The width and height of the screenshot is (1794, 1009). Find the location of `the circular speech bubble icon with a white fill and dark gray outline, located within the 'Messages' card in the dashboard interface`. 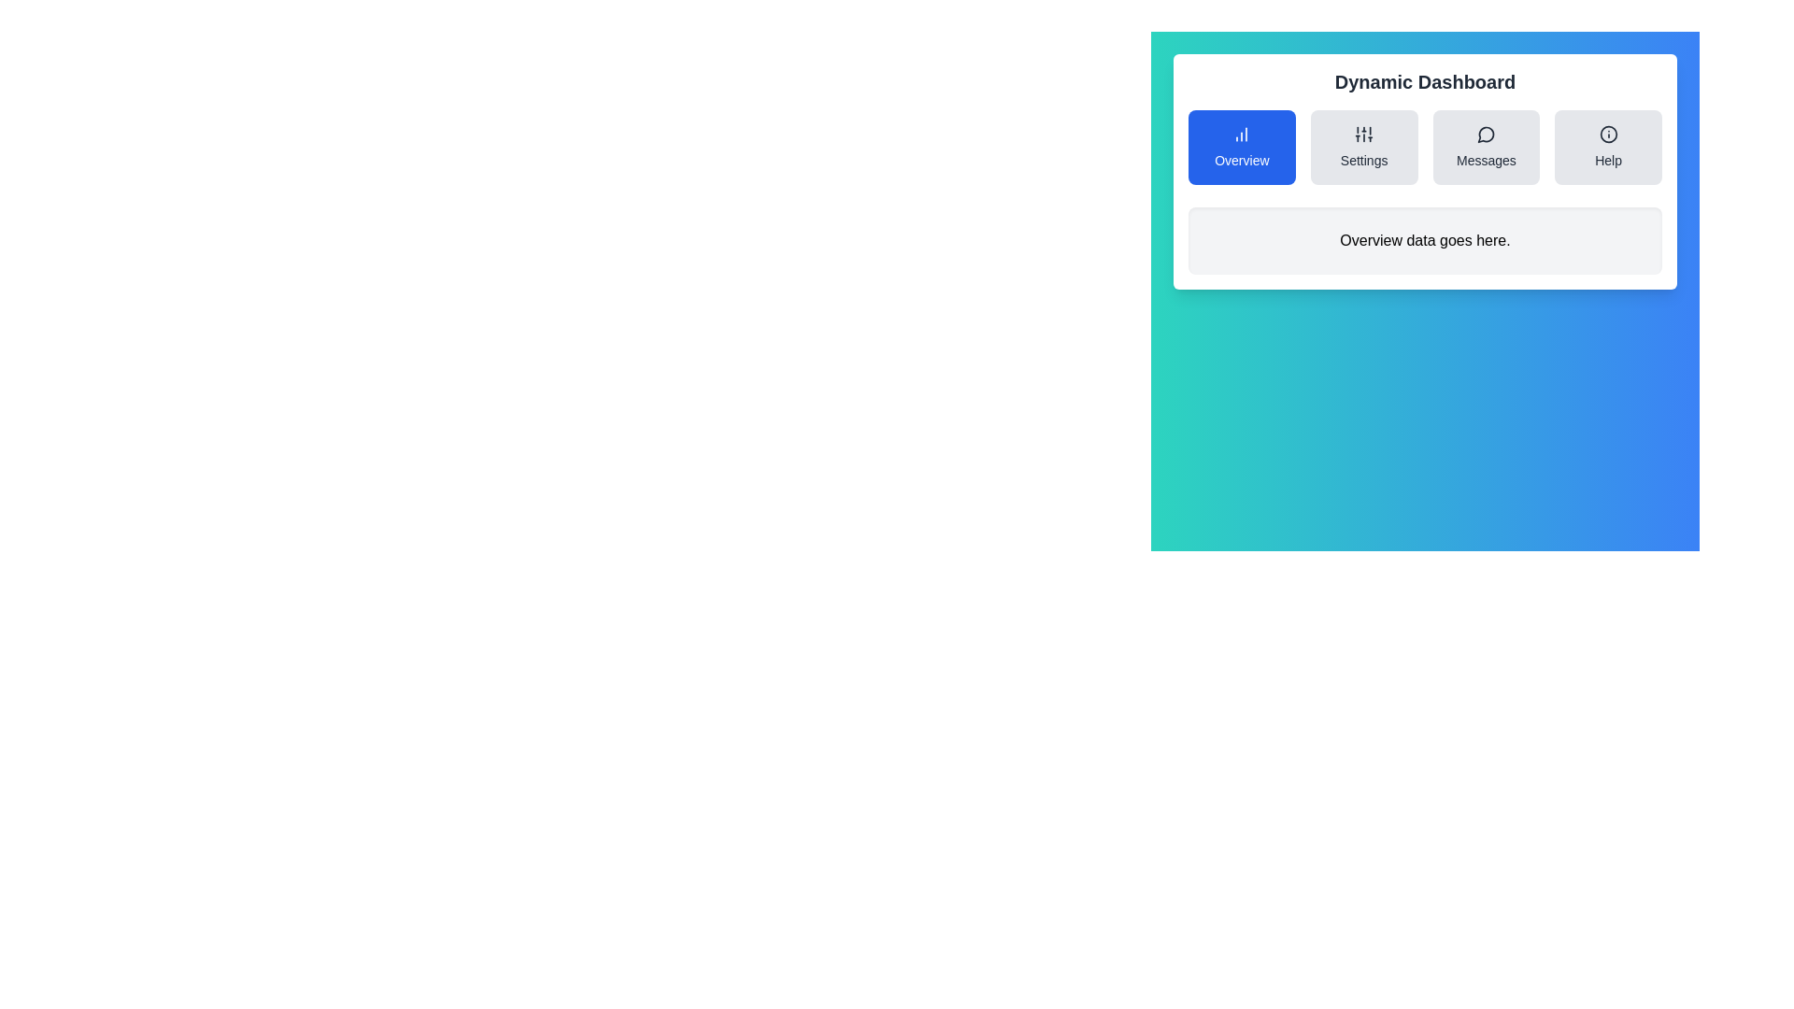

the circular speech bubble icon with a white fill and dark gray outline, located within the 'Messages' card in the dashboard interface is located at coordinates (1485, 133).